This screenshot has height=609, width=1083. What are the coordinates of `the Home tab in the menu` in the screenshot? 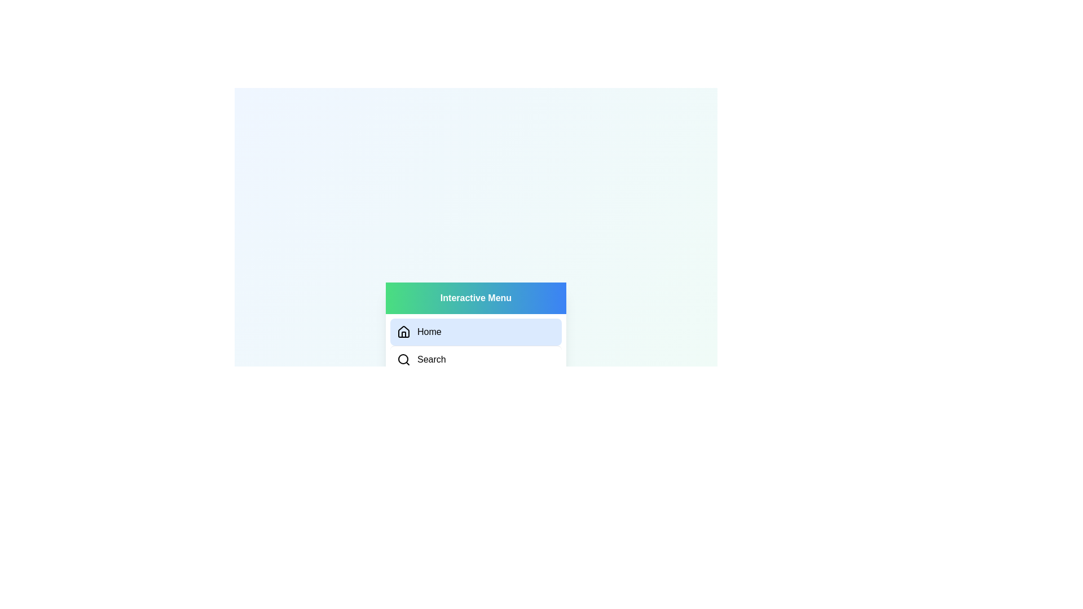 It's located at (476, 332).